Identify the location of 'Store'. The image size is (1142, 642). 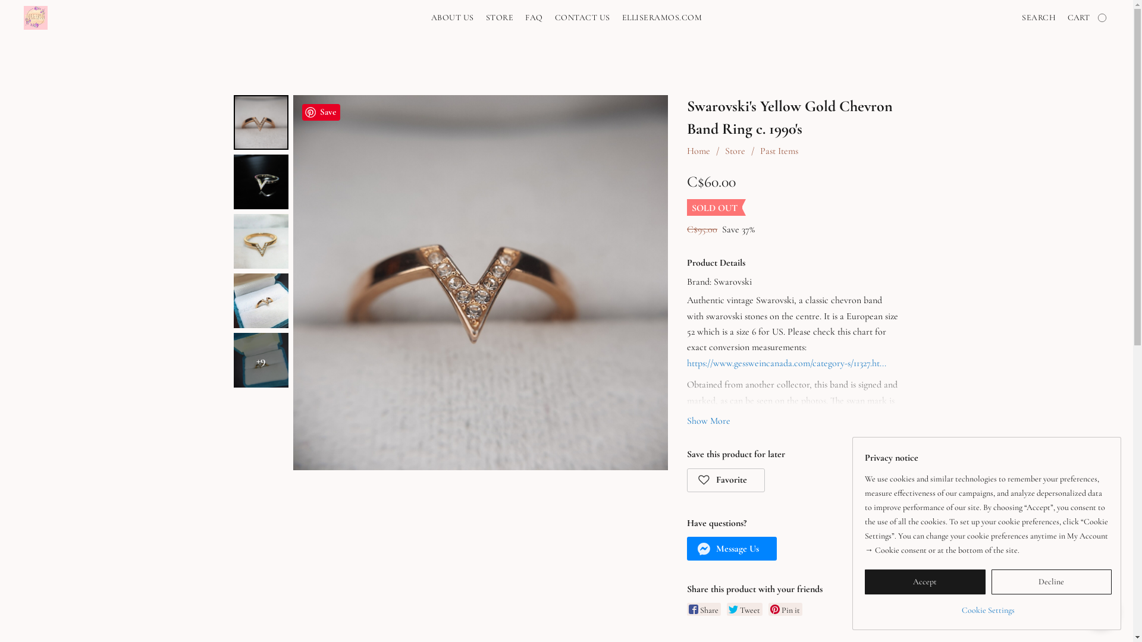
(735, 150).